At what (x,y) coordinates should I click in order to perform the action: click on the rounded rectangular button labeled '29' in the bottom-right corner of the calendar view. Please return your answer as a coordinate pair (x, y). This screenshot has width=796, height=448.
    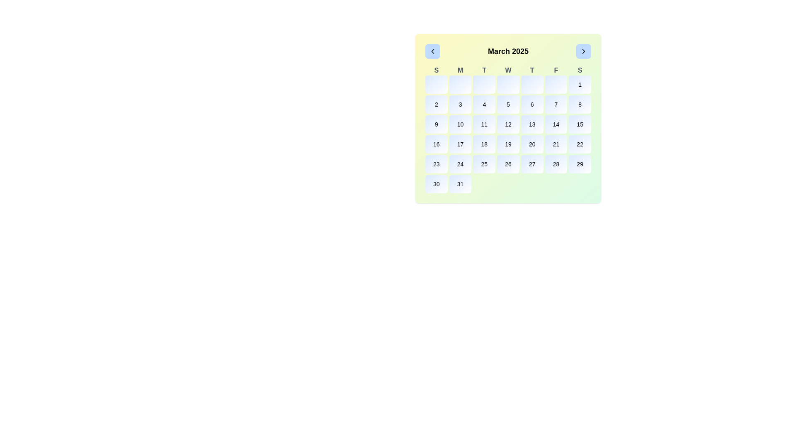
    Looking at the image, I should click on (580, 164).